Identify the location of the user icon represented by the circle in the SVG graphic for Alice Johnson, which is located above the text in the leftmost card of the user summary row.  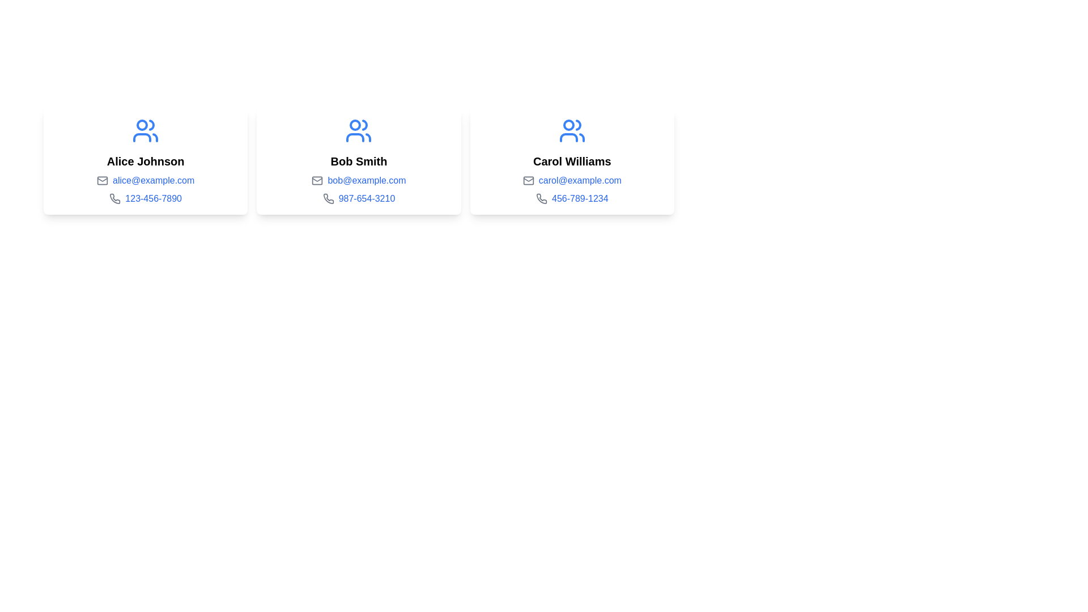
(142, 125).